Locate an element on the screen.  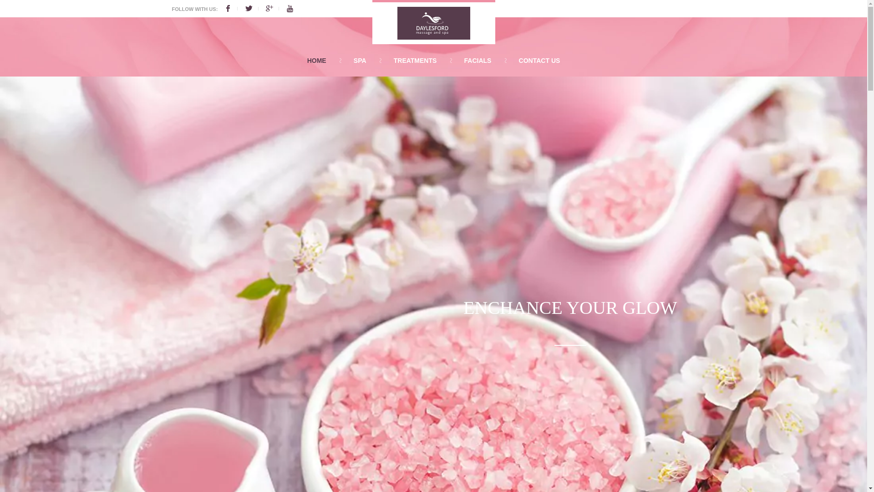
'FACIALS' is located at coordinates (478, 60).